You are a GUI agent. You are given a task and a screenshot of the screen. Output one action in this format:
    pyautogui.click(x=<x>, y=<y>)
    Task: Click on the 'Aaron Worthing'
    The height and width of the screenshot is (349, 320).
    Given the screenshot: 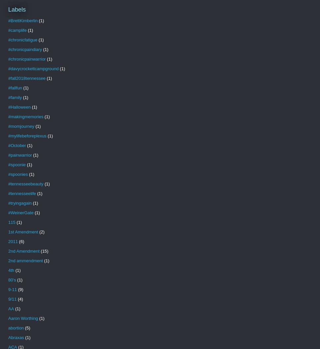 What is the action you would take?
    pyautogui.click(x=22, y=318)
    